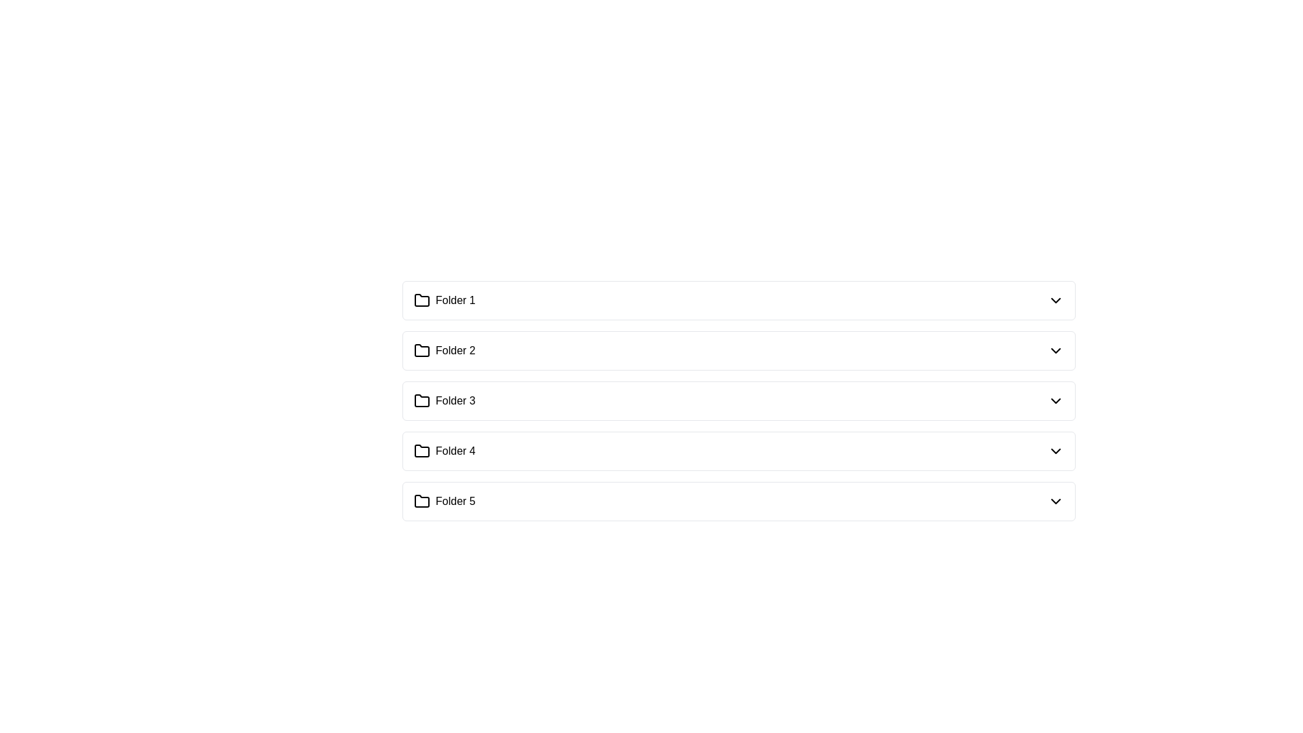  Describe the element at coordinates (455, 350) in the screenshot. I see `the static text label displaying 'Folder 2', which is positioned to the right of a folder icon in a vertically aligned list` at that location.